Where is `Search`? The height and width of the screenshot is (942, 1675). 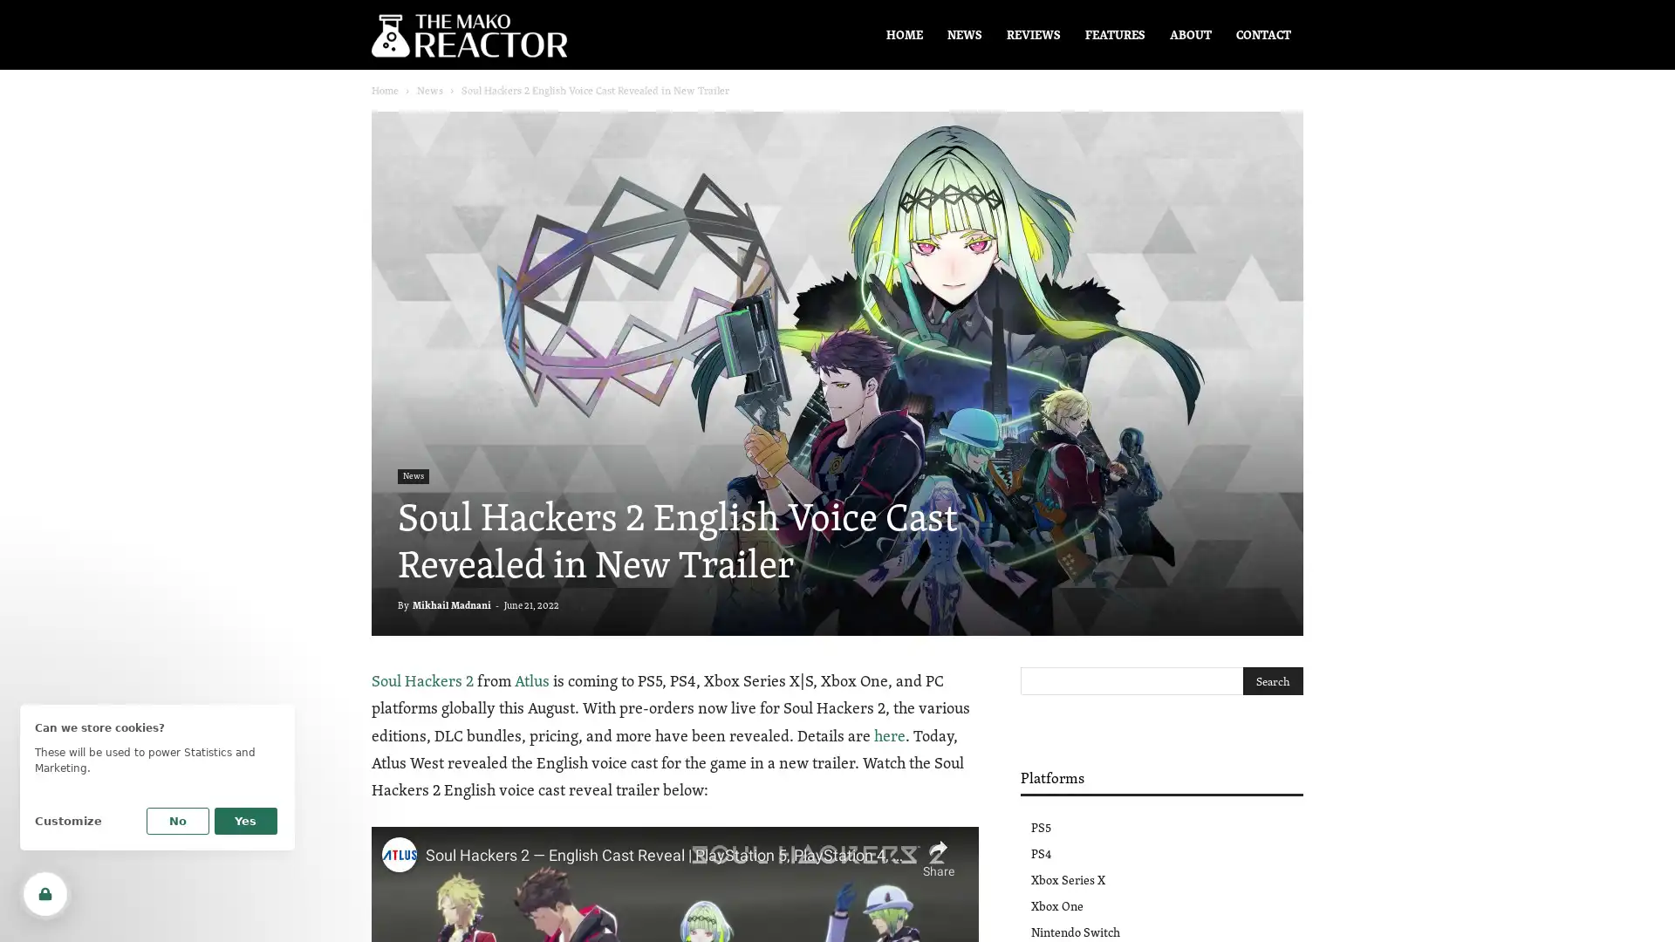 Search is located at coordinates (1273, 679).